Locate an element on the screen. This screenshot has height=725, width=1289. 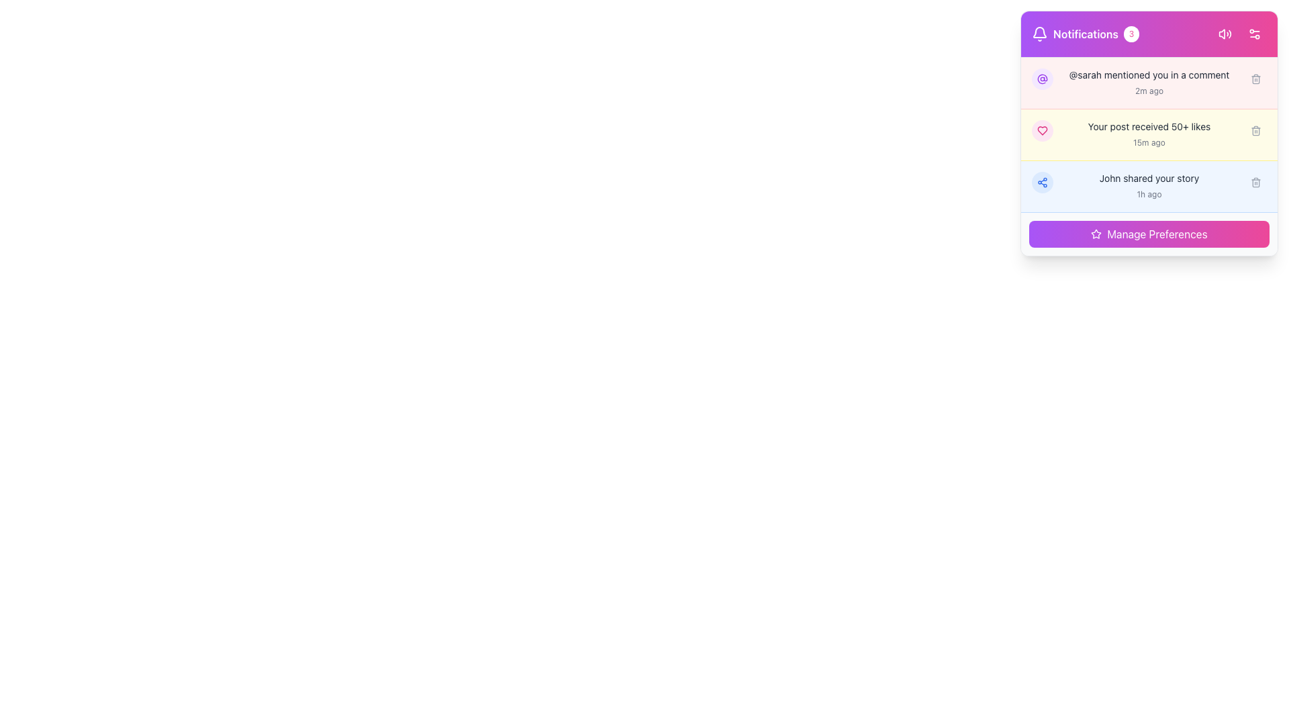
the 'Manage Preferences' button, which has a gradient background from purple to pink and contains a white star icon and white text is located at coordinates (1149, 233).